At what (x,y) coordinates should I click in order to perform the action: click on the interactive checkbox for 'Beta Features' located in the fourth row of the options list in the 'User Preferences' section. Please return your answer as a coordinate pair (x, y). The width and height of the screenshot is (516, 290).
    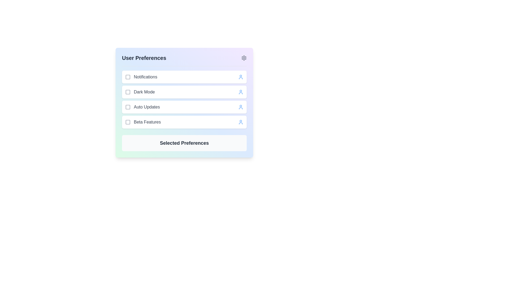
    Looking at the image, I should click on (127, 122).